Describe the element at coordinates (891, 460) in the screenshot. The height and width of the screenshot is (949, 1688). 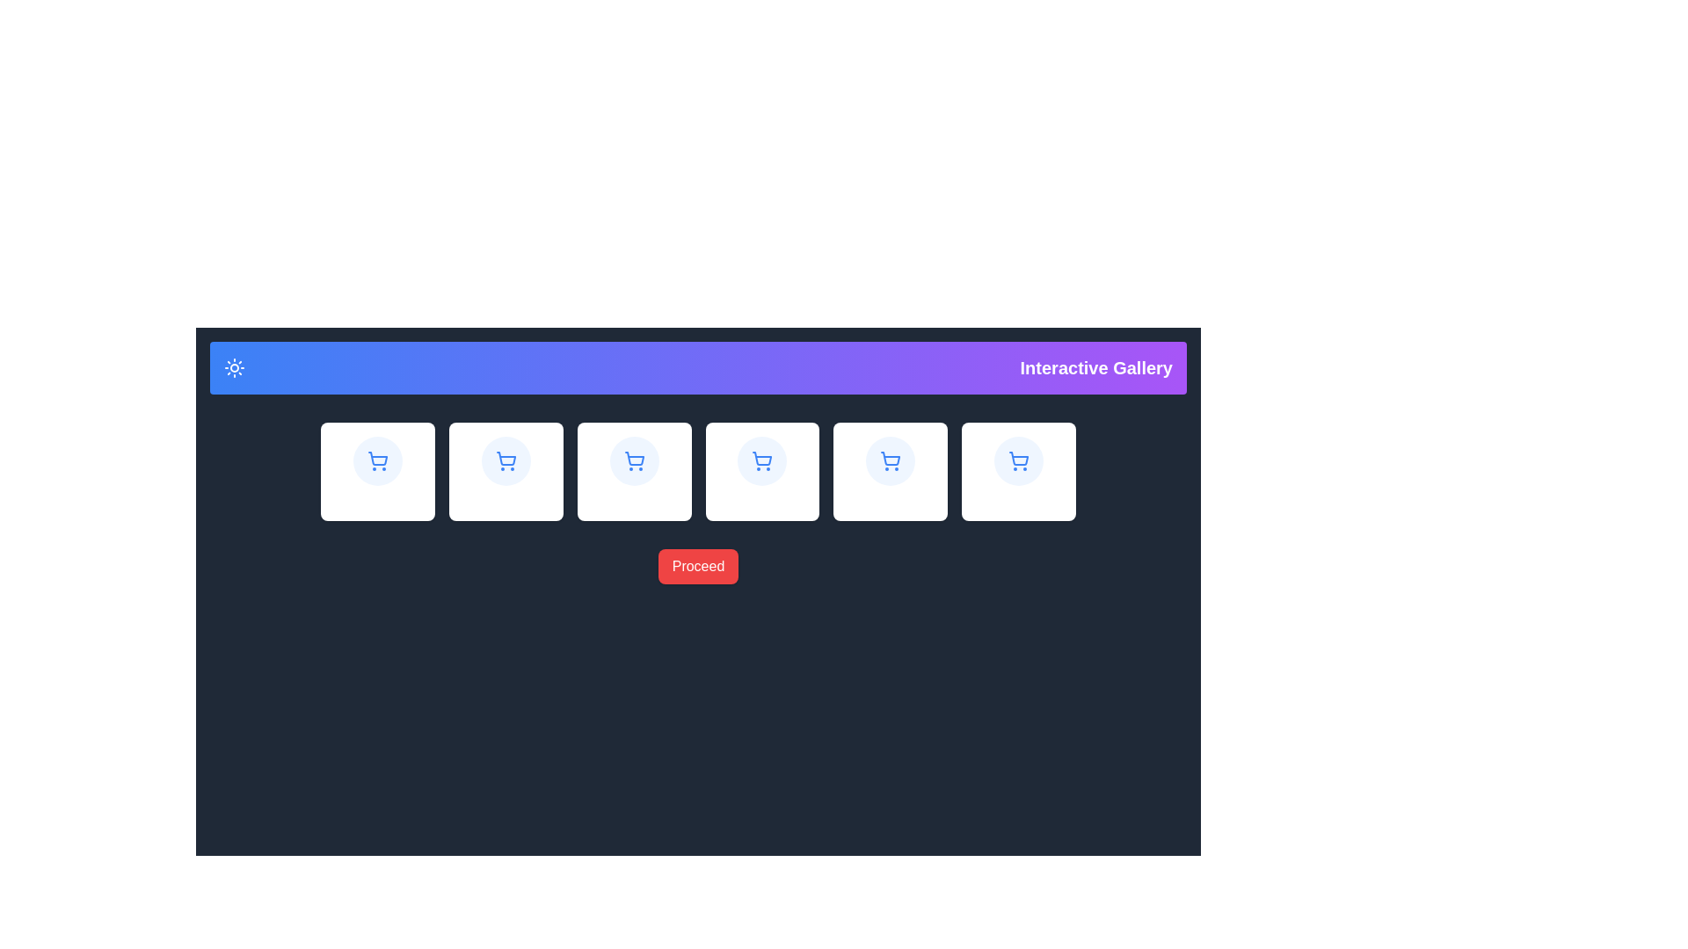
I see `the shopping cart icon located in the card labeled 'Moon', which is the fifth card from the left in a horizontally arranged set of cards` at that location.